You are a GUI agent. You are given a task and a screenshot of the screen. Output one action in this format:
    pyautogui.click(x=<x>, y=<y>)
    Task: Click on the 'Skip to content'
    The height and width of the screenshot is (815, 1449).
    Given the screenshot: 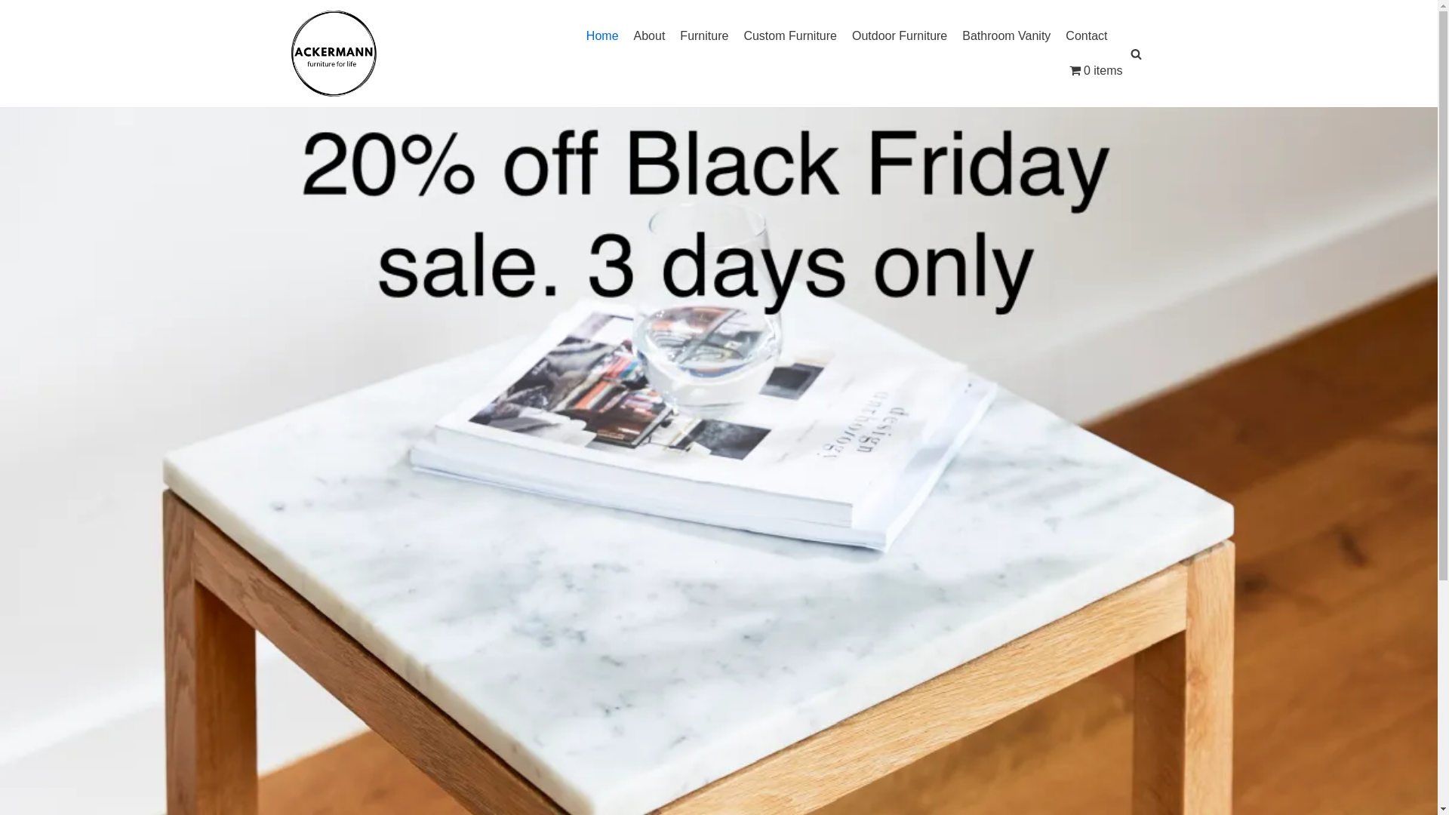 What is the action you would take?
    pyautogui.click(x=14, y=32)
    